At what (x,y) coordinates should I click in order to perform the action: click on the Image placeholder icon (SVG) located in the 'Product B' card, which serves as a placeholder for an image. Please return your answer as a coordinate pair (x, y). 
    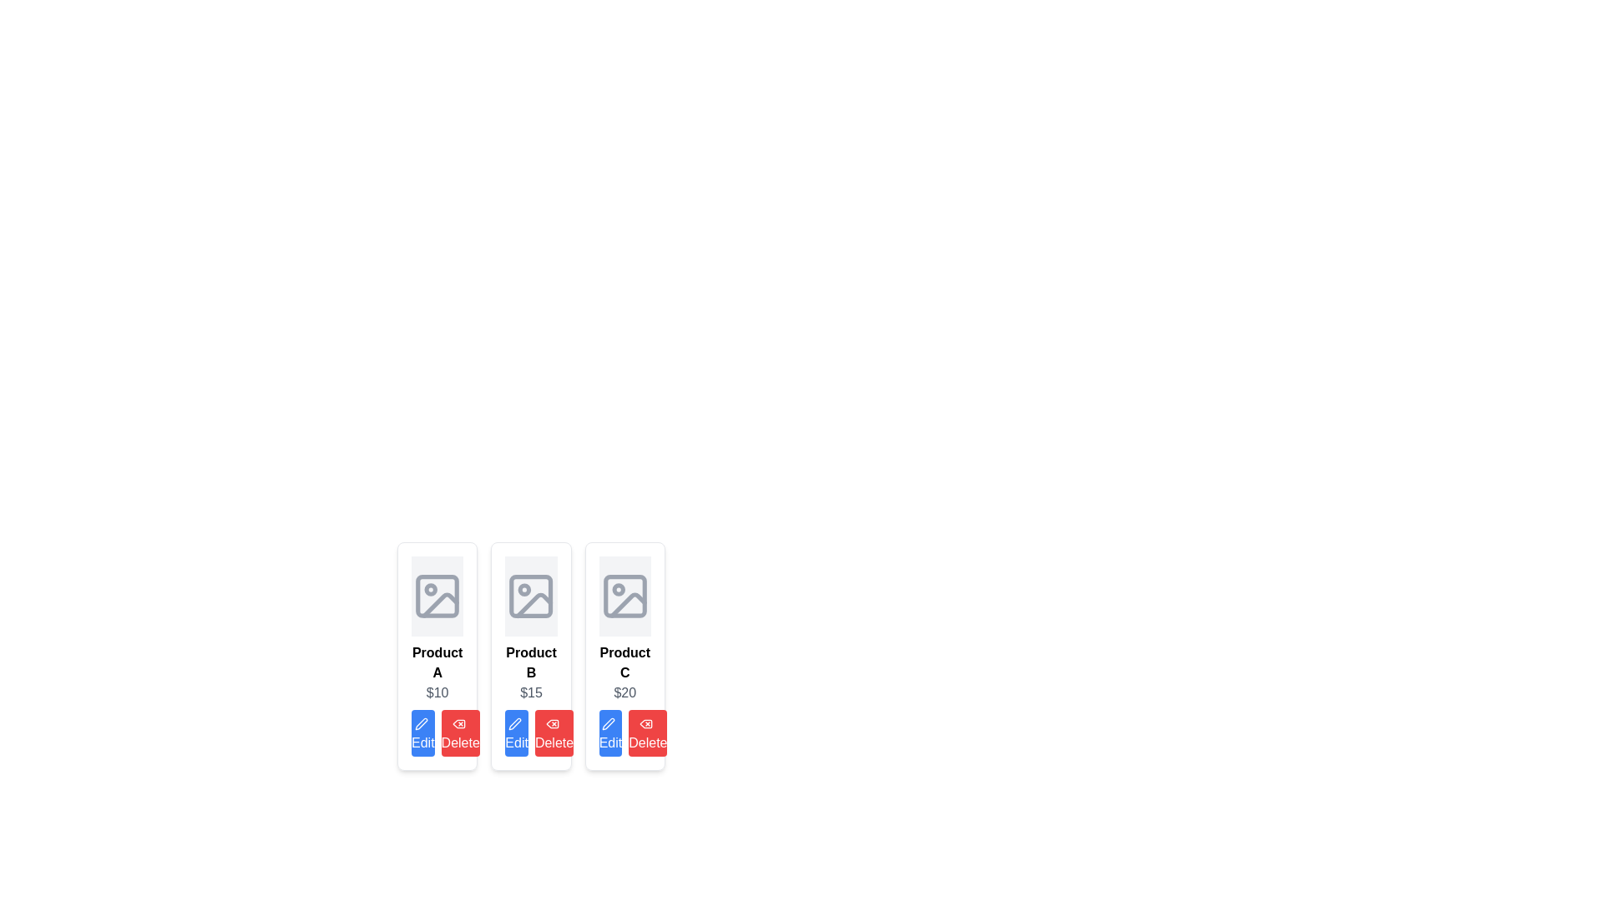
    Looking at the image, I should click on (530, 595).